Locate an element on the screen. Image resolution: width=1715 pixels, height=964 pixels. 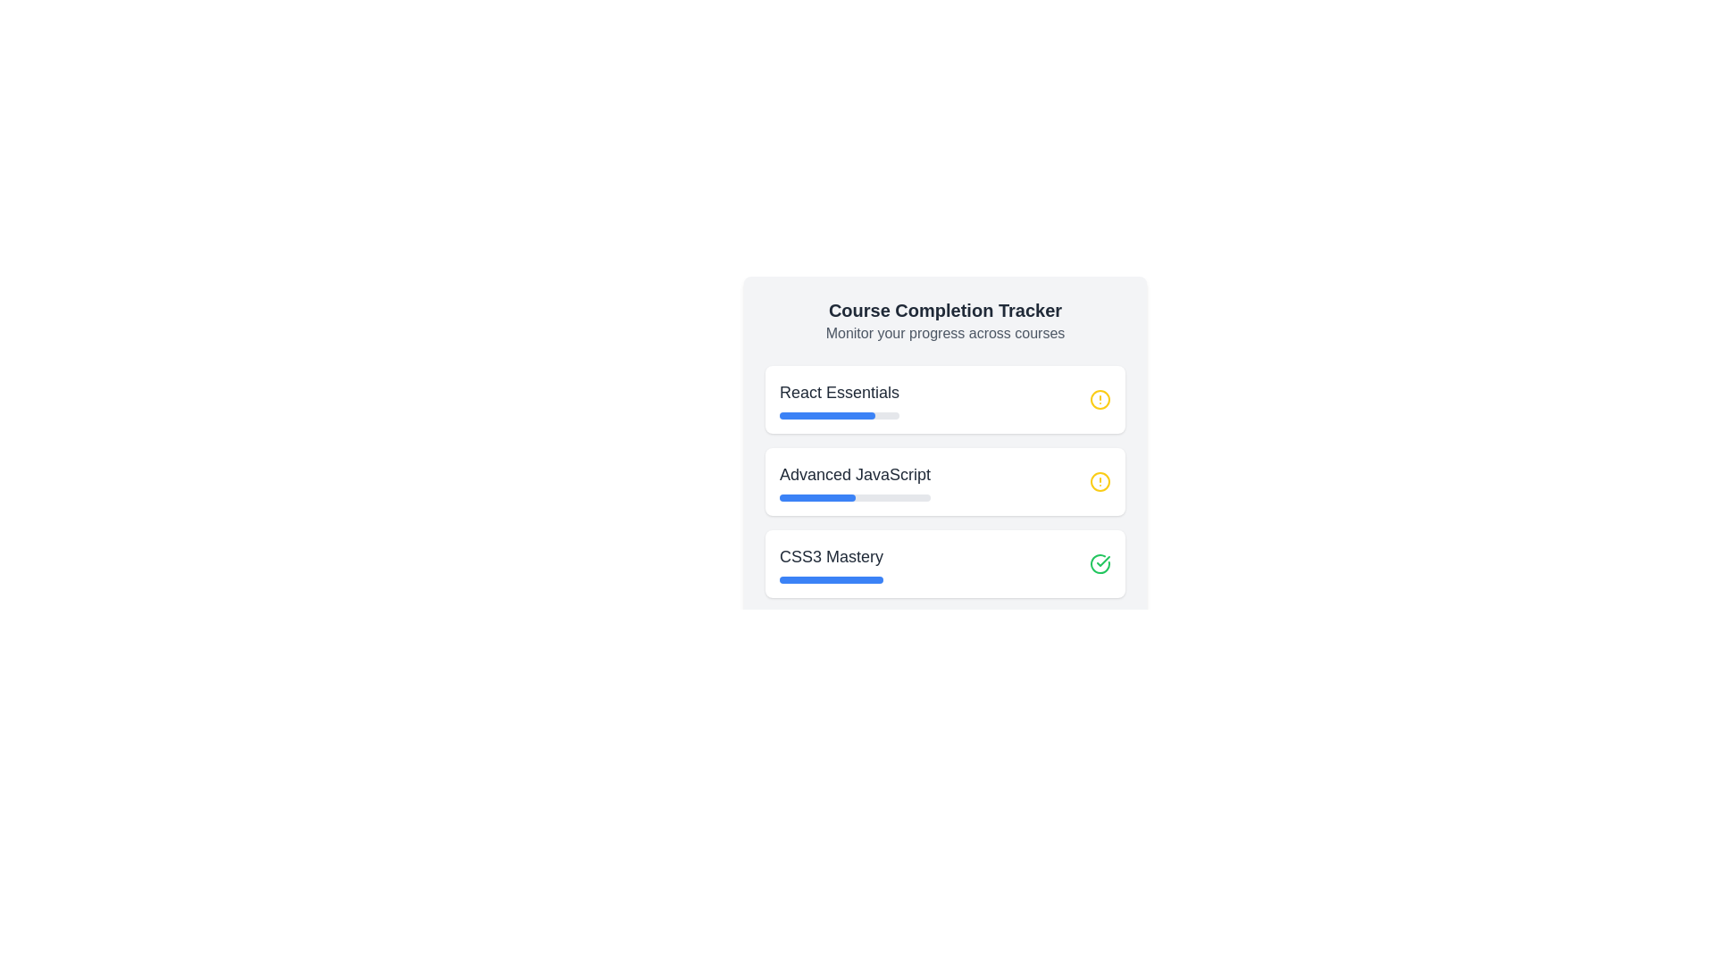
progress bar of the Advanced JavaScript course progress tracker, which is the second item in the list of course progress cards is located at coordinates (944, 482).